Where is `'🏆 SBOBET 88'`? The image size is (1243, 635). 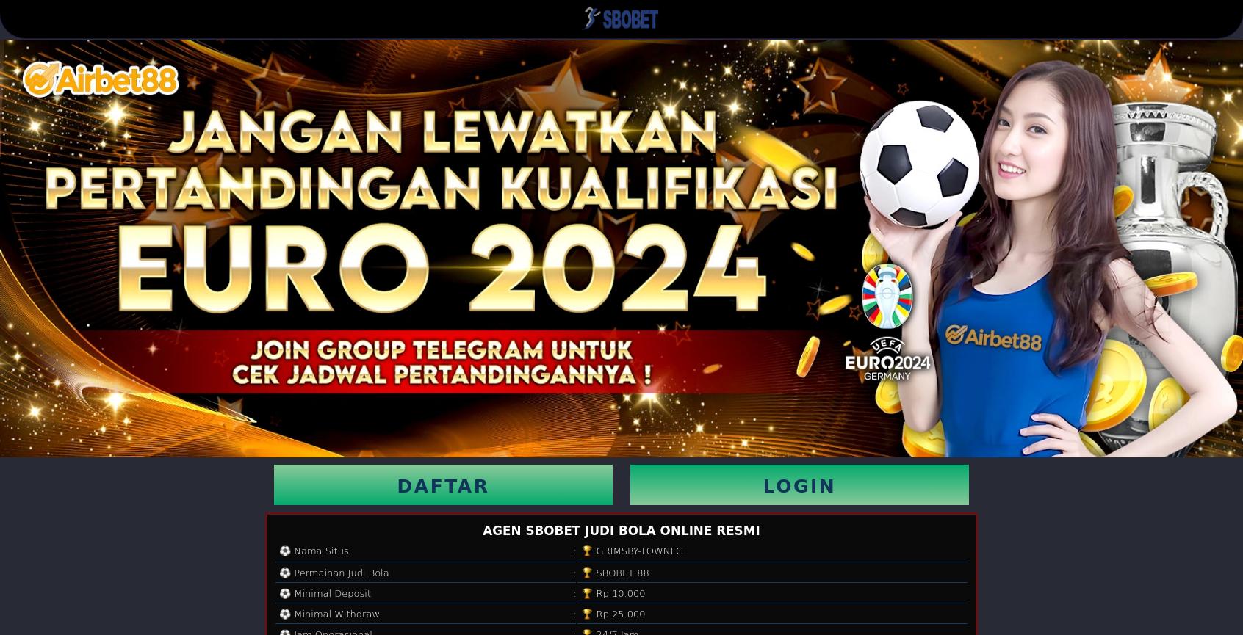
'🏆 SBOBET 88' is located at coordinates (615, 571).